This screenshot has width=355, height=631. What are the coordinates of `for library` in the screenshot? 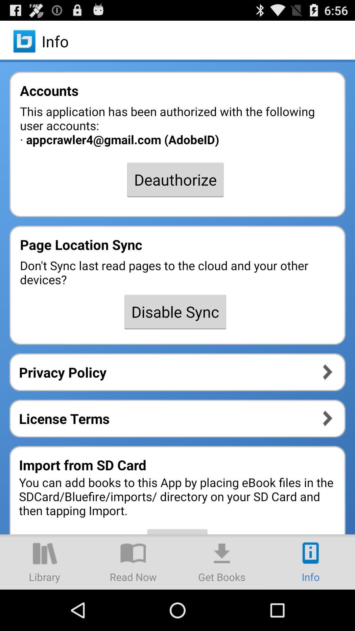 It's located at (44, 561).